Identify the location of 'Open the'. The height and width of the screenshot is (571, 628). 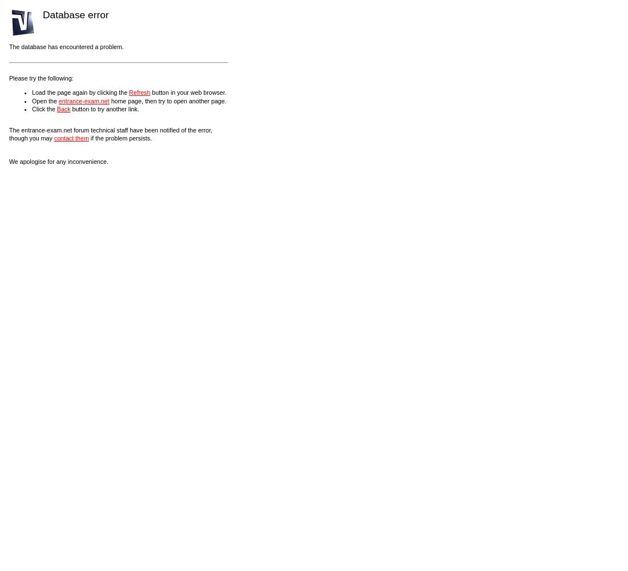
(45, 100).